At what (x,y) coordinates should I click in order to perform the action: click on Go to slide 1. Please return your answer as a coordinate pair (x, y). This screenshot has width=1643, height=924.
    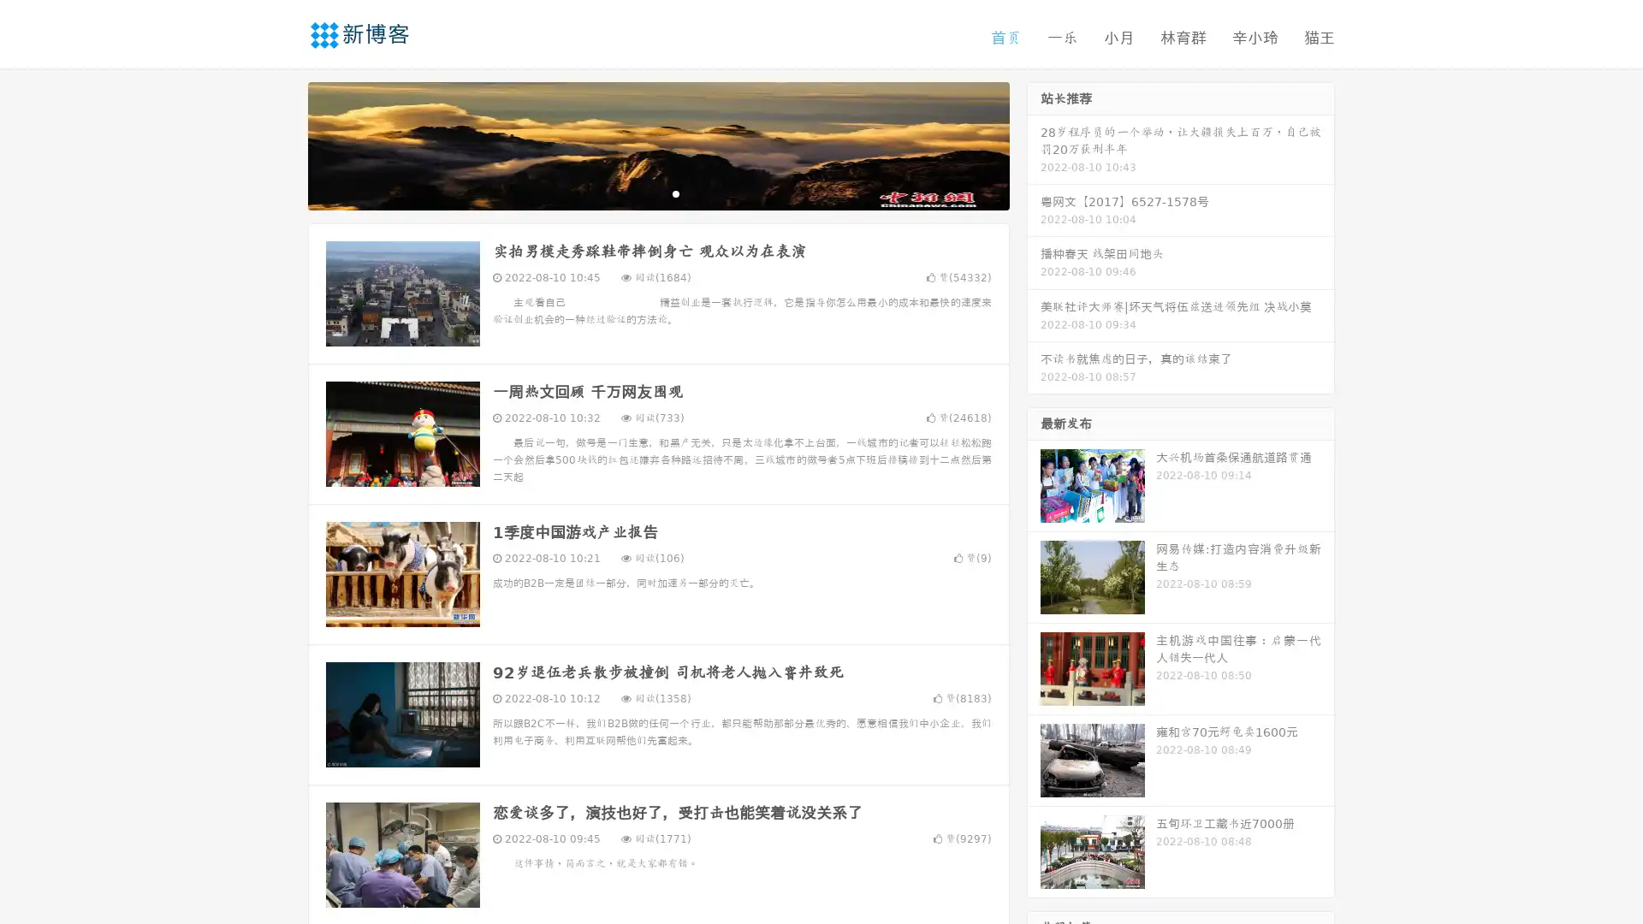
    Looking at the image, I should click on (640, 192).